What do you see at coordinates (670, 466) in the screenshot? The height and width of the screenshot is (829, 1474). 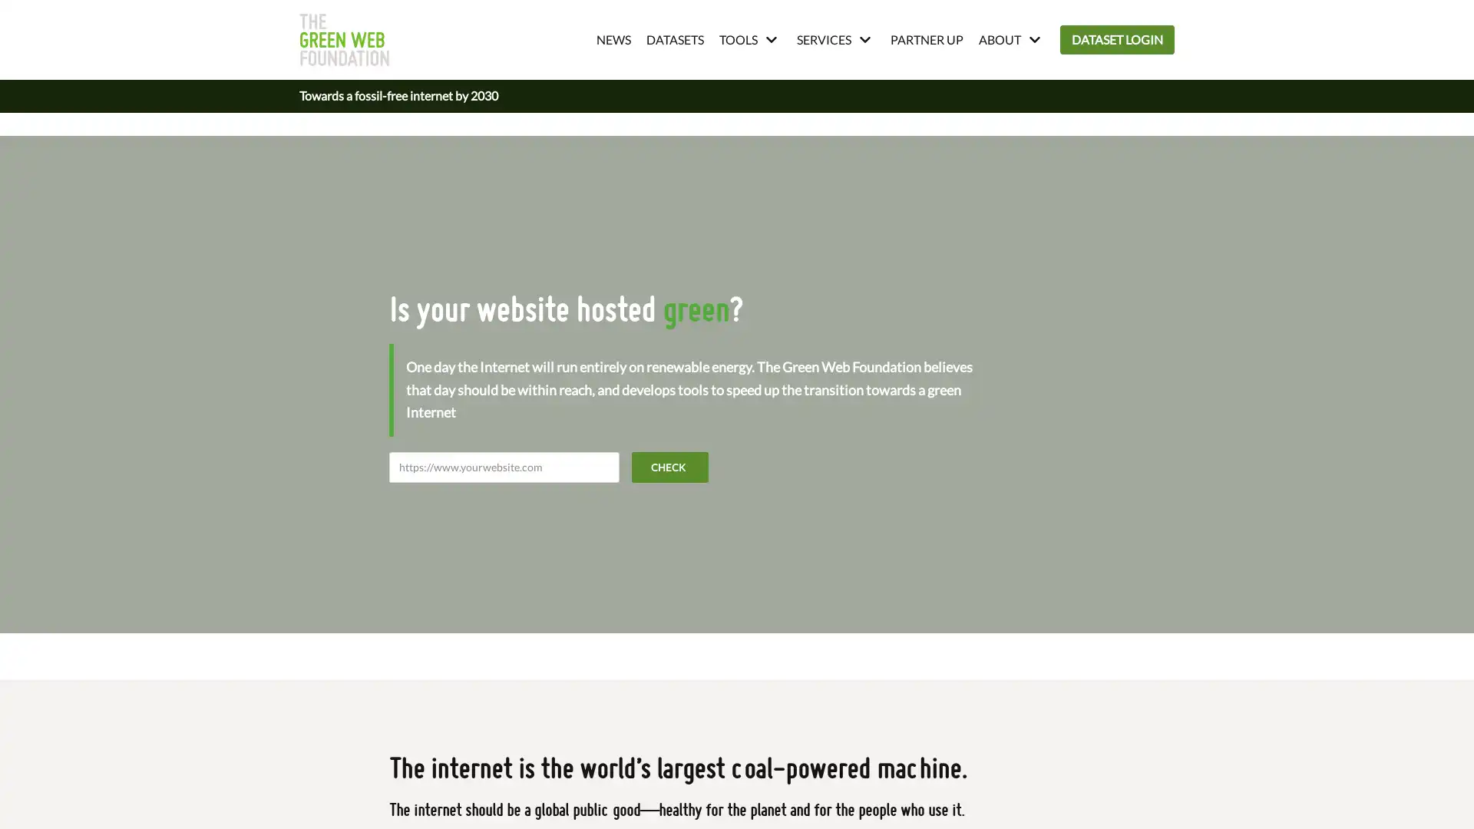 I see `CHECK` at bounding box center [670, 466].